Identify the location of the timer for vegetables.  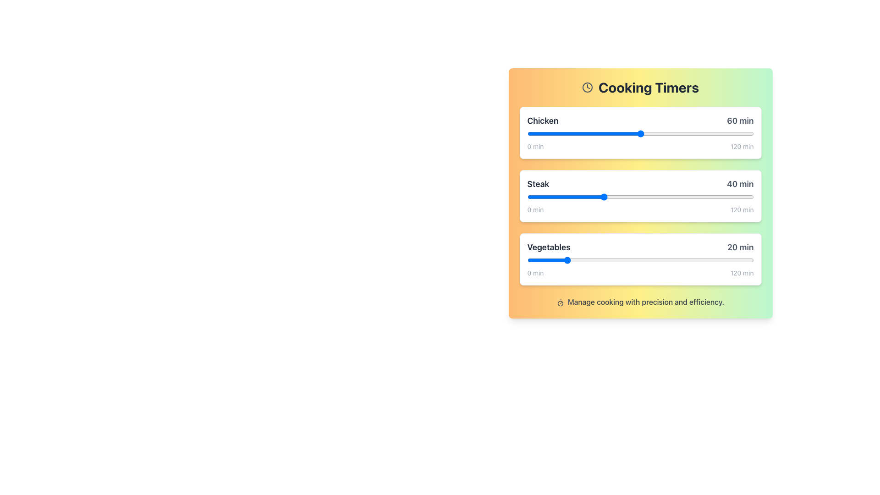
(559, 260).